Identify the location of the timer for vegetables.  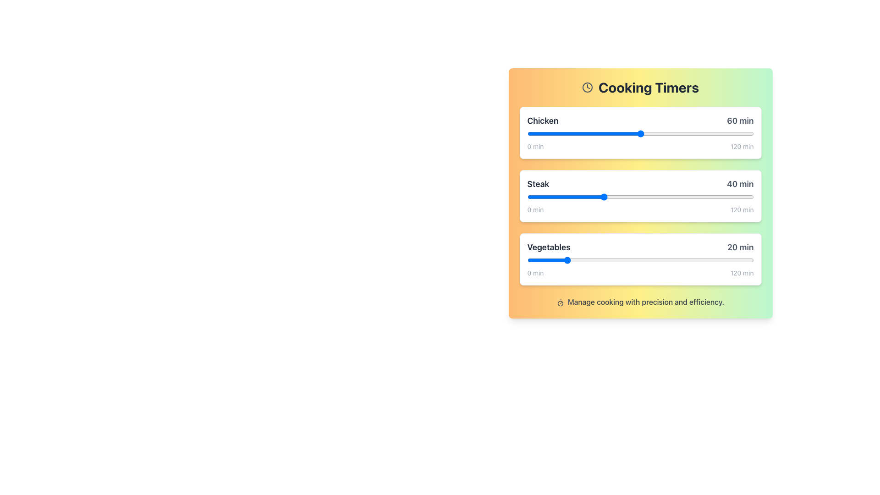
(559, 260).